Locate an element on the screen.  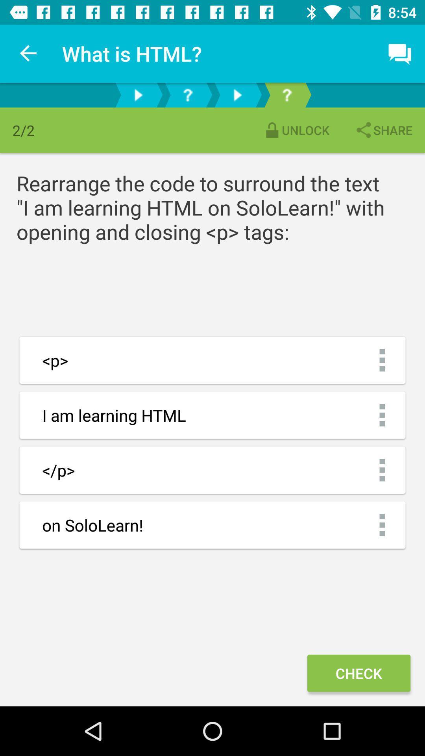
see next page is located at coordinates (237, 94).